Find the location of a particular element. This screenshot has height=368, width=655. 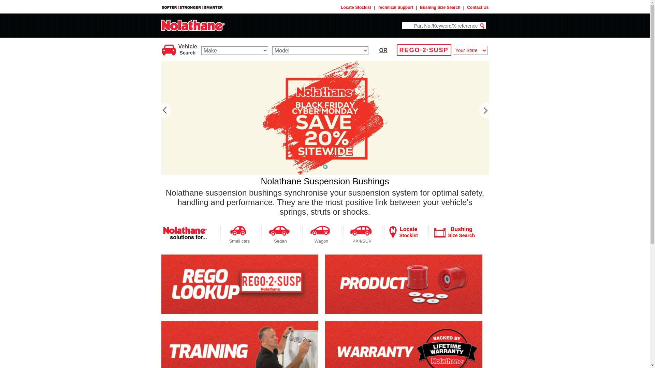

'Contact Us' is located at coordinates (477, 7).